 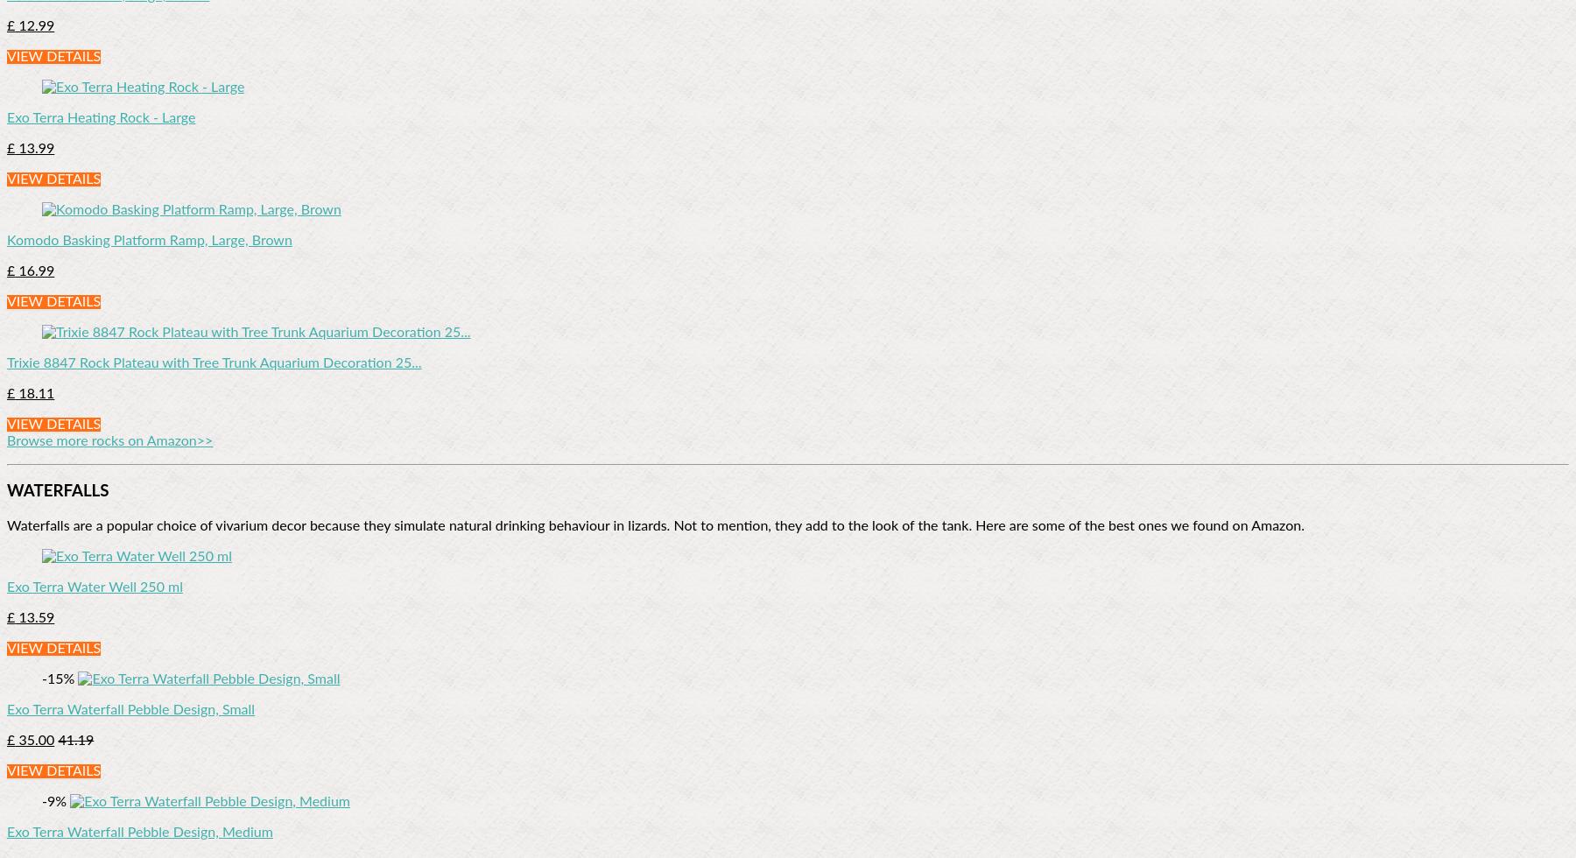 What do you see at coordinates (94, 587) in the screenshot?
I see `'Exo Terra Water Well 250 ml'` at bounding box center [94, 587].